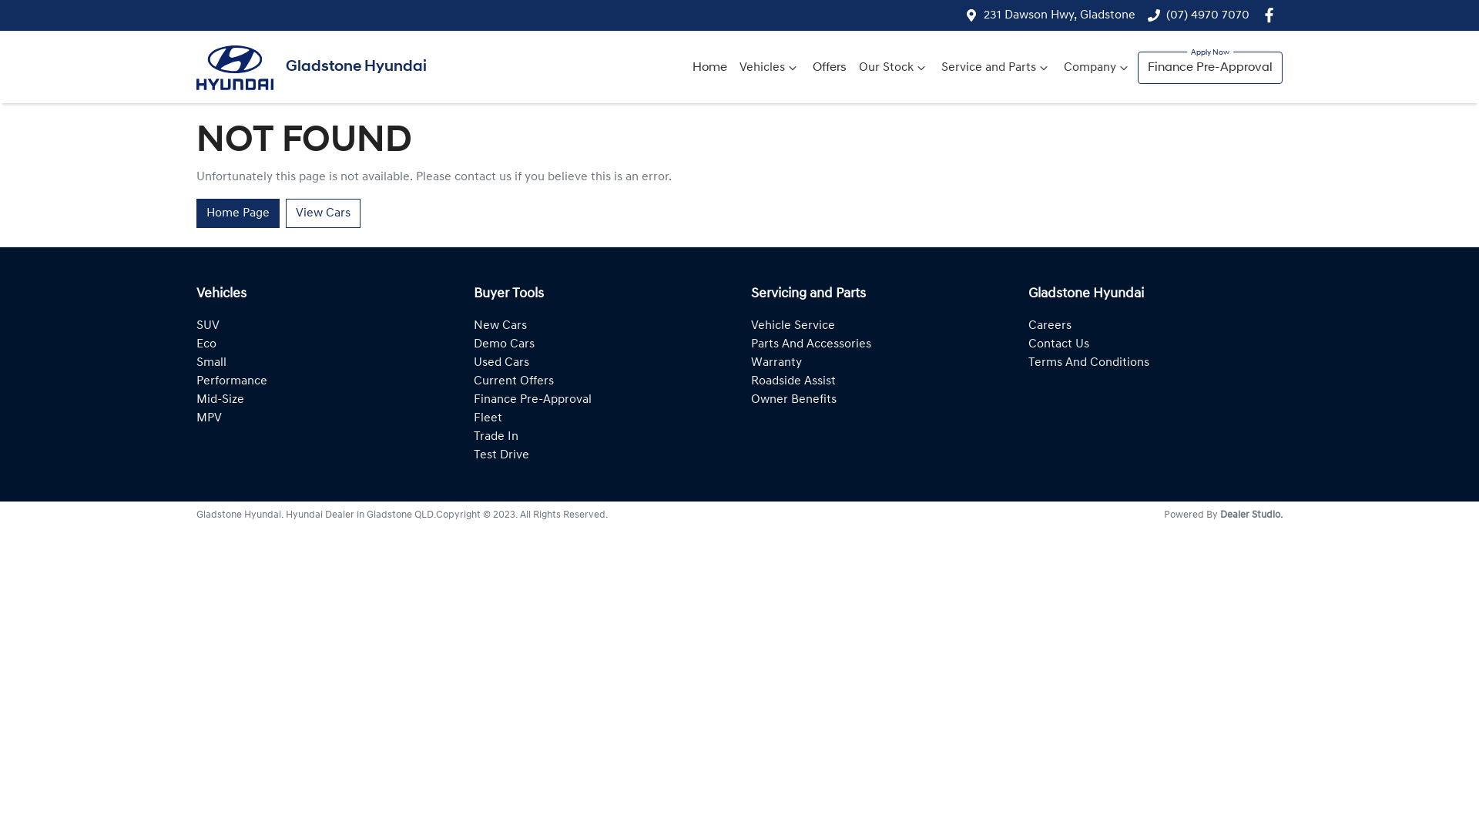 The height and width of the screenshot is (832, 1479). Describe the element at coordinates (472, 325) in the screenshot. I see `'New Cars'` at that location.